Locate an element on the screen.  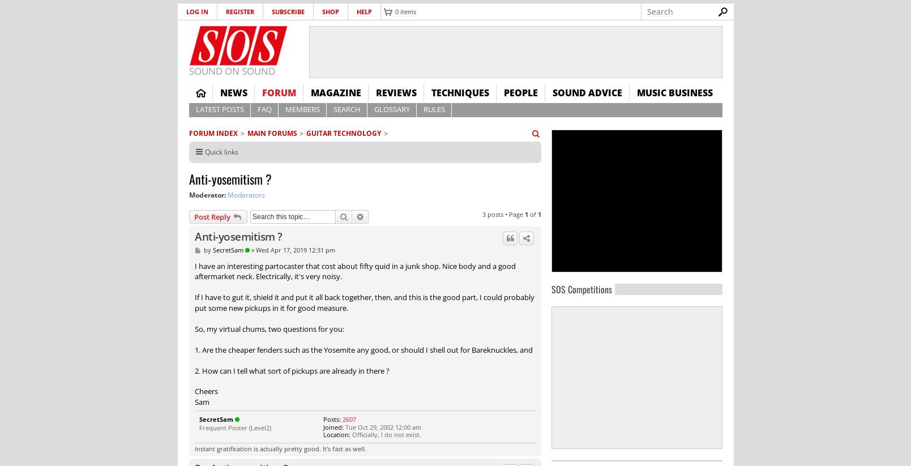
'SOUND ON SOUND' is located at coordinates (231, 71).